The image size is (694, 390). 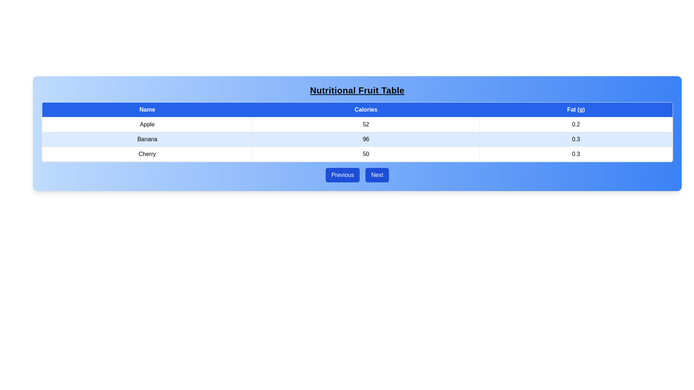 What do you see at coordinates (575, 139) in the screenshot?
I see `numerical value indicating the fat content (in grams) for the item 'Banana' in the nutritional table, specifically from the third cell in the 'Fat (g)' column` at bounding box center [575, 139].